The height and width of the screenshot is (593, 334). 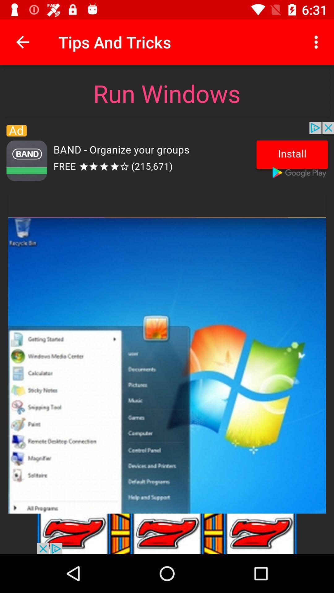 I want to click on for advisment, so click(x=167, y=154).